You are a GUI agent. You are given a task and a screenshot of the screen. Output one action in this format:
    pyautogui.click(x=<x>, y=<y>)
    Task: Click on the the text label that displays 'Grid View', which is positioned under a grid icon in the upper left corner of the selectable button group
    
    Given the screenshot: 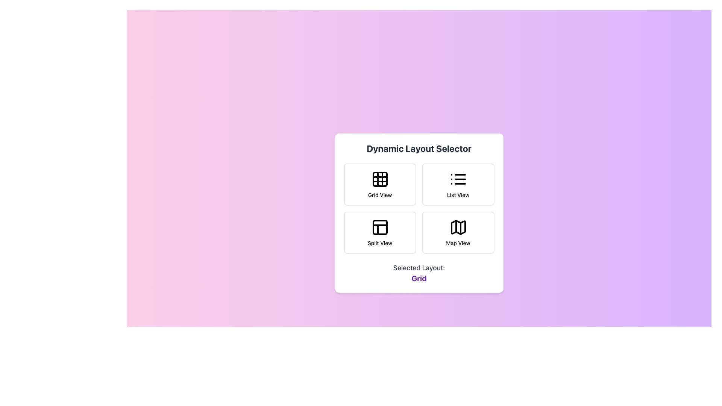 What is the action you would take?
    pyautogui.click(x=380, y=195)
    